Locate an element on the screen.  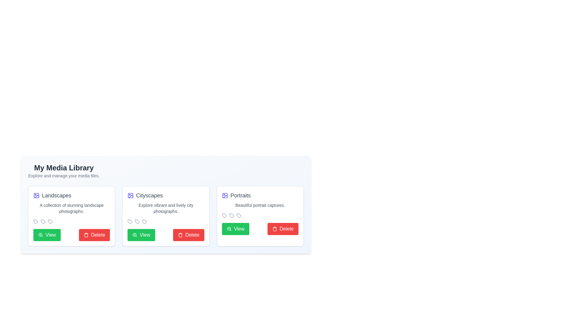
text label displaying 'Beautiful portrait captures.' which is located under the heading 'Portraits' in the card layout is located at coordinates (260, 205).